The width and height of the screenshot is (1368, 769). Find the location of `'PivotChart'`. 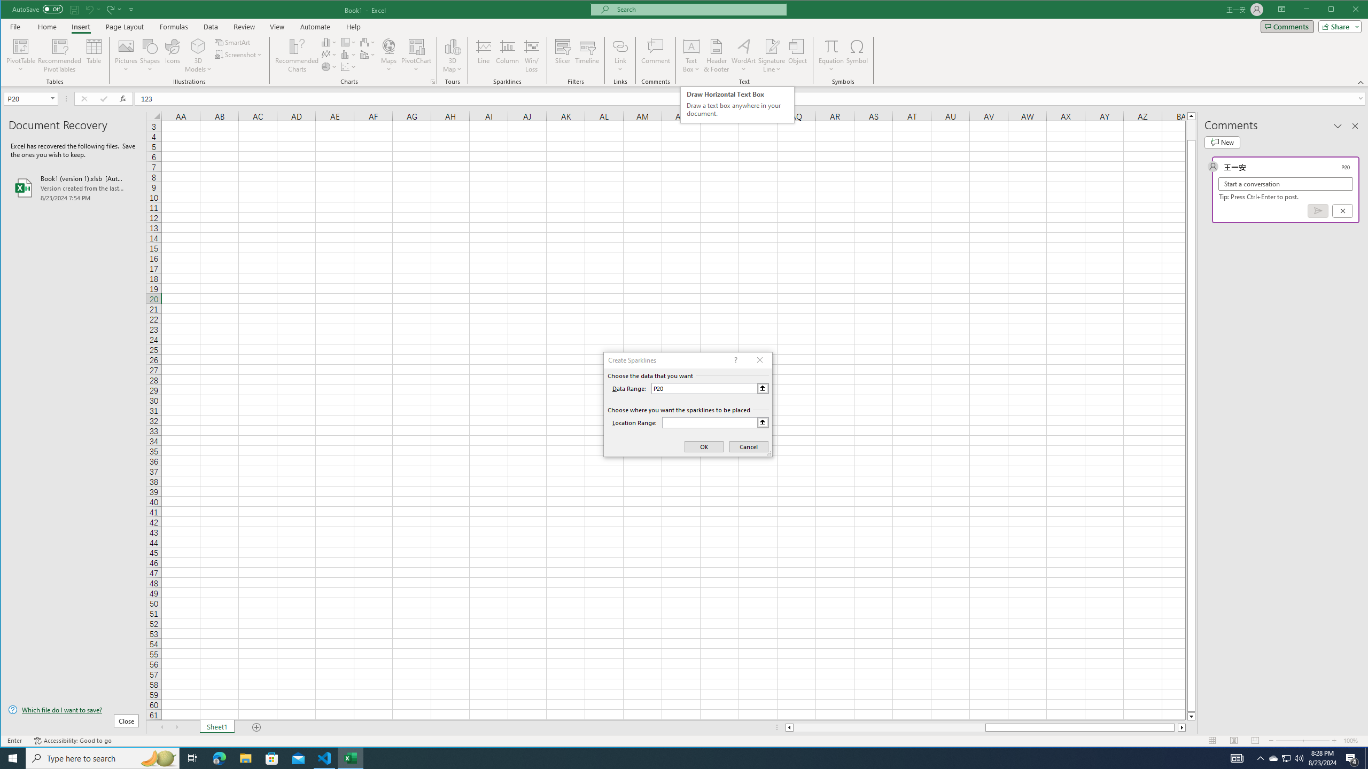

'PivotChart' is located at coordinates (416, 55).